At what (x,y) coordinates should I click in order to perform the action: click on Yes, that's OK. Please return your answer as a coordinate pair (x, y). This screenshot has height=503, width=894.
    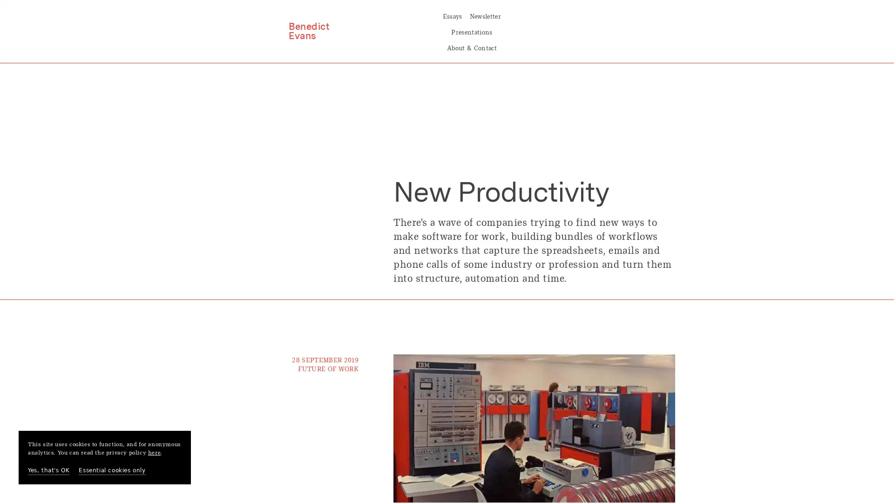
    Looking at the image, I should click on (48, 470).